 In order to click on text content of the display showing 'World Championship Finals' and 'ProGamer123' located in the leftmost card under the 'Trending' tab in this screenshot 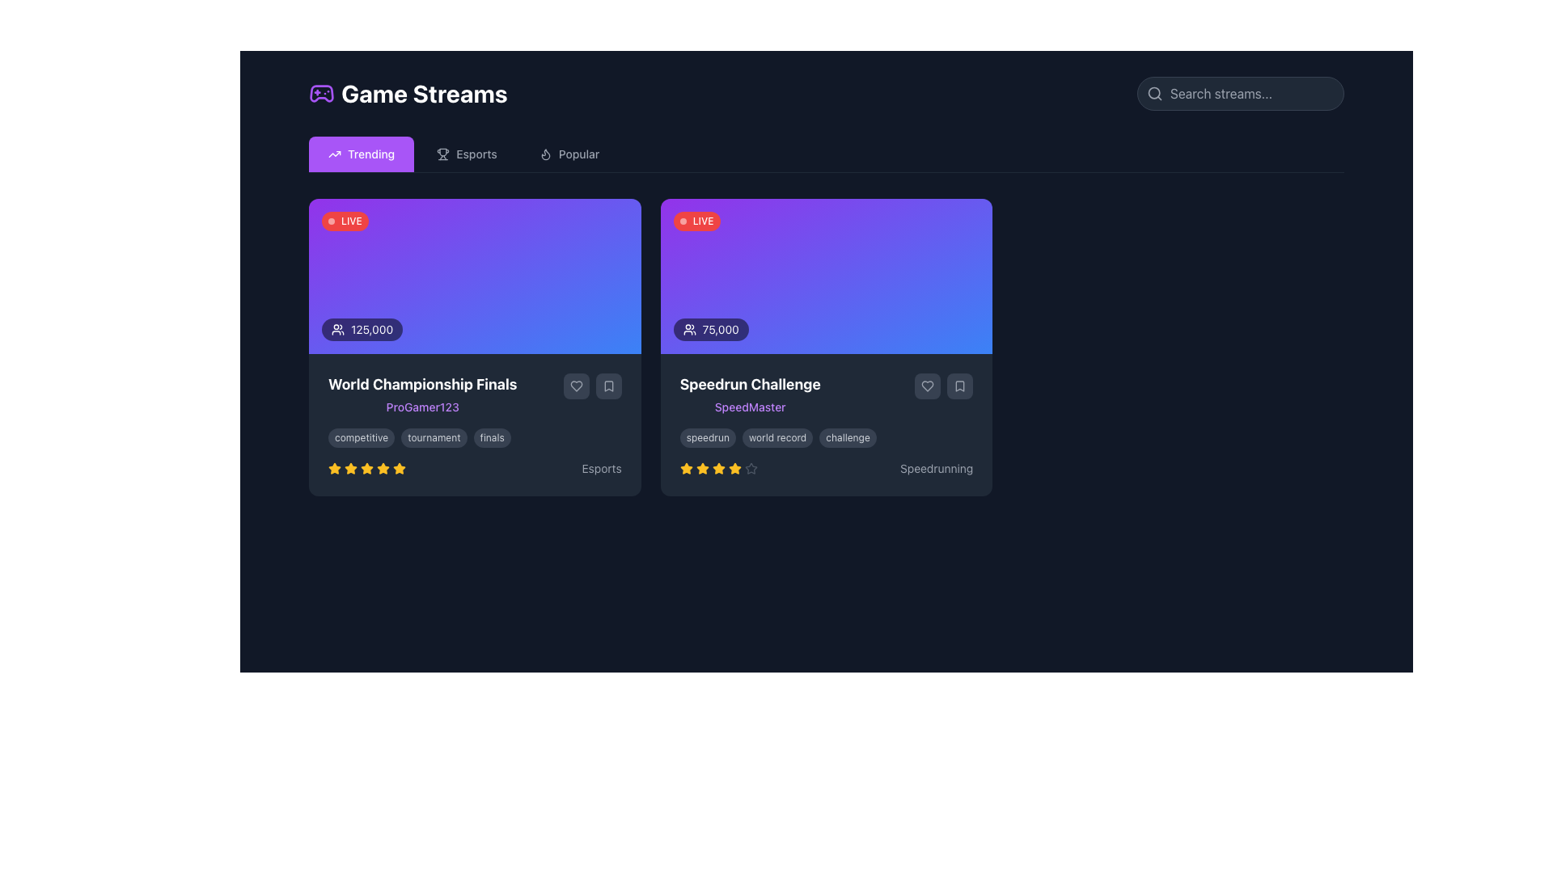, I will do `click(422, 394)`.